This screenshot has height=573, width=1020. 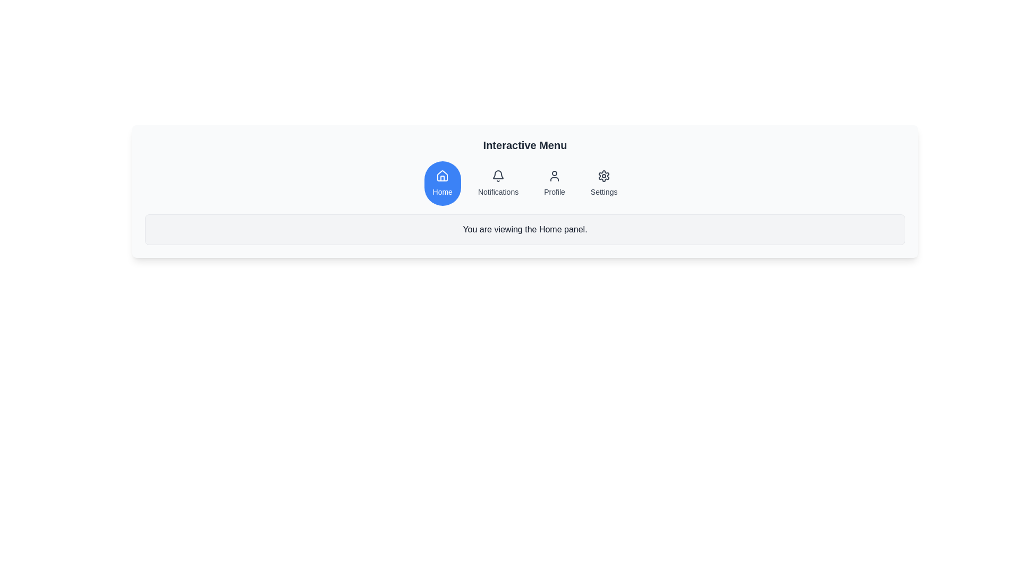 What do you see at coordinates (498, 192) in the screenshot?
I see `the 'Notifications' static text label located in the centered interactive menu bar, positioned directly beneath the notification bell icon and second from the left` at bounding box center [498, 192].